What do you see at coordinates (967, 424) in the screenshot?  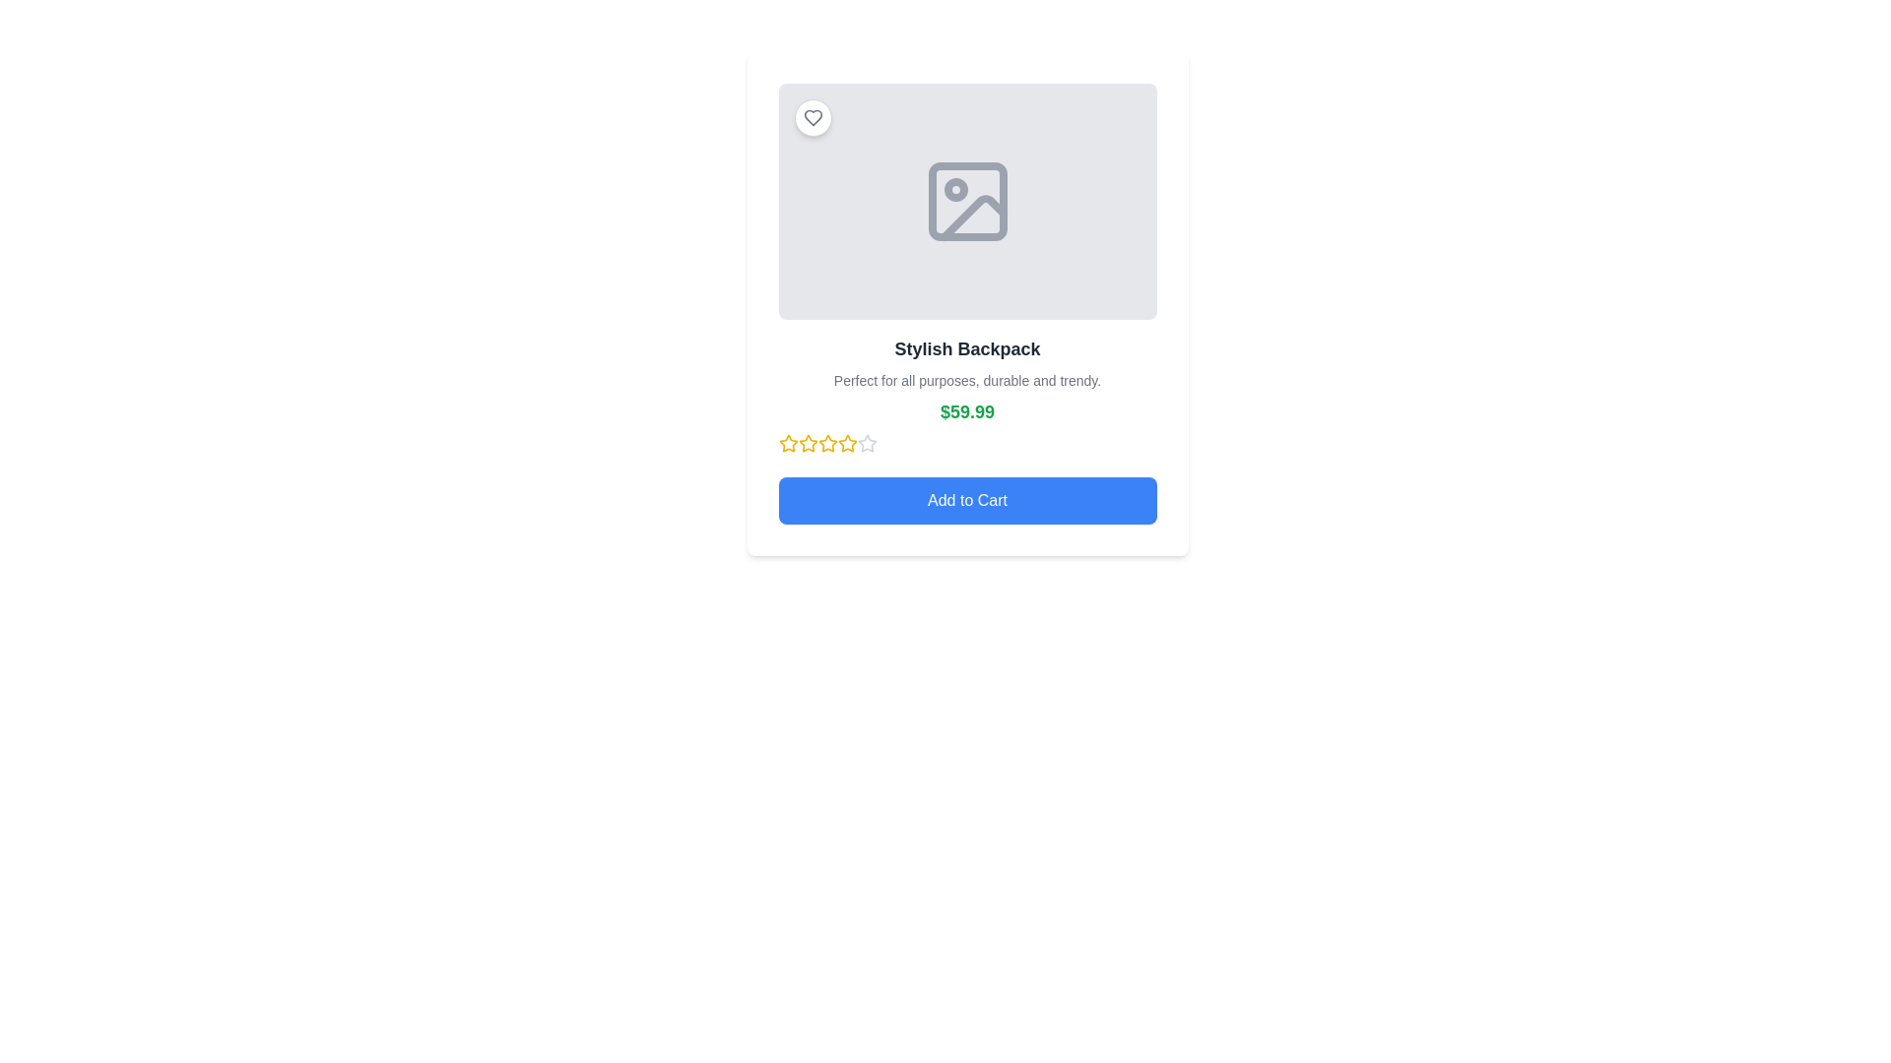 I see `price information displayed in the Text label located centrally within the product card layout, positioned below the product description and above the star-shaped rating icons` at bounding box center [967, 424].